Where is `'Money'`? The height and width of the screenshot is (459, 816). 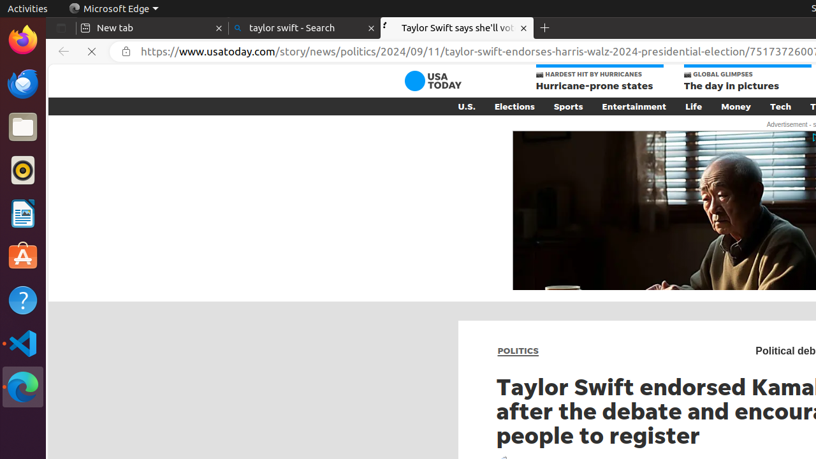 'Money' is located at coordinates (736, 105).